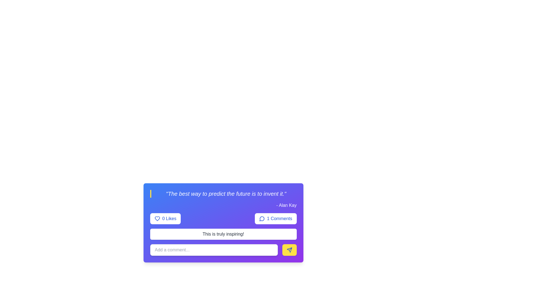 The width and height of the screenshot is (533, 299). Describe the element at coordinates (165, 218) in the screenshot. I see `the button labeled '0 Likes' which is styled with a rounded rectangle shape, has a white background, and features a heart-shaped icon outlined in blue` at that location.